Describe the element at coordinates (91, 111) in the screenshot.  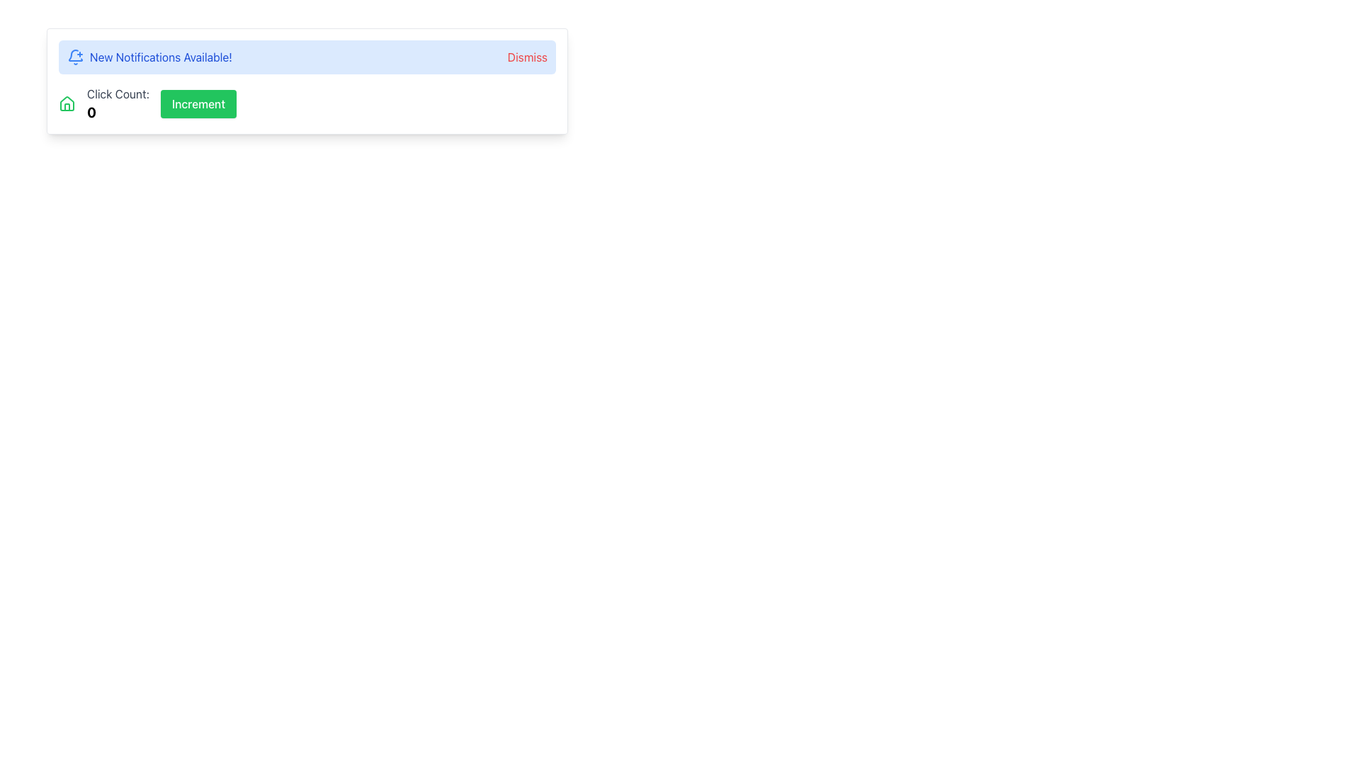
I see `the static text display field that shows the current count of clicks, located immediately to the right of the 'Click Count:' label and above the 'Increment' button` at that location.